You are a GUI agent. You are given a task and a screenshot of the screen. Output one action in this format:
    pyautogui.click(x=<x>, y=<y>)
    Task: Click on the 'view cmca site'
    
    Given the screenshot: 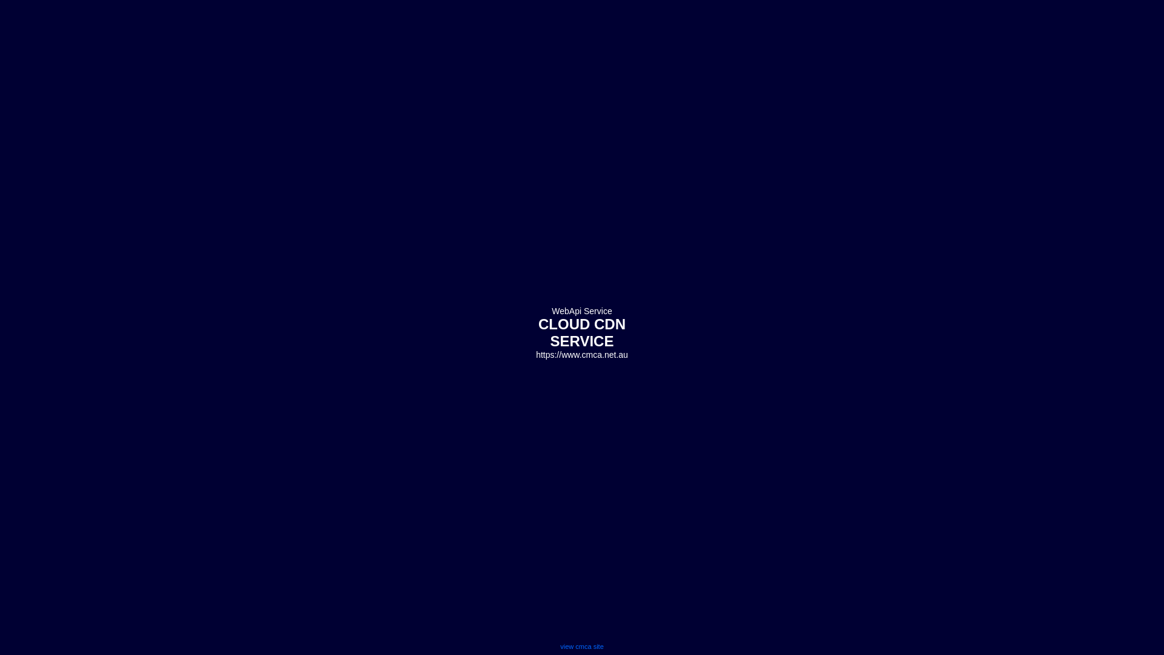 What is the action you would take?
    pyautogui.click(x=582, y=645)
    